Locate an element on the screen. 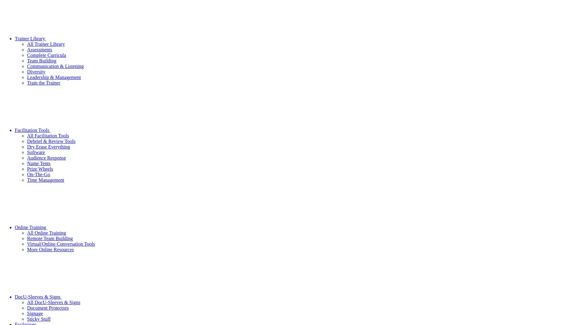 The height and width of the screenshot is (325, 568). 'Team Building' is located at coordinates (42, 60).